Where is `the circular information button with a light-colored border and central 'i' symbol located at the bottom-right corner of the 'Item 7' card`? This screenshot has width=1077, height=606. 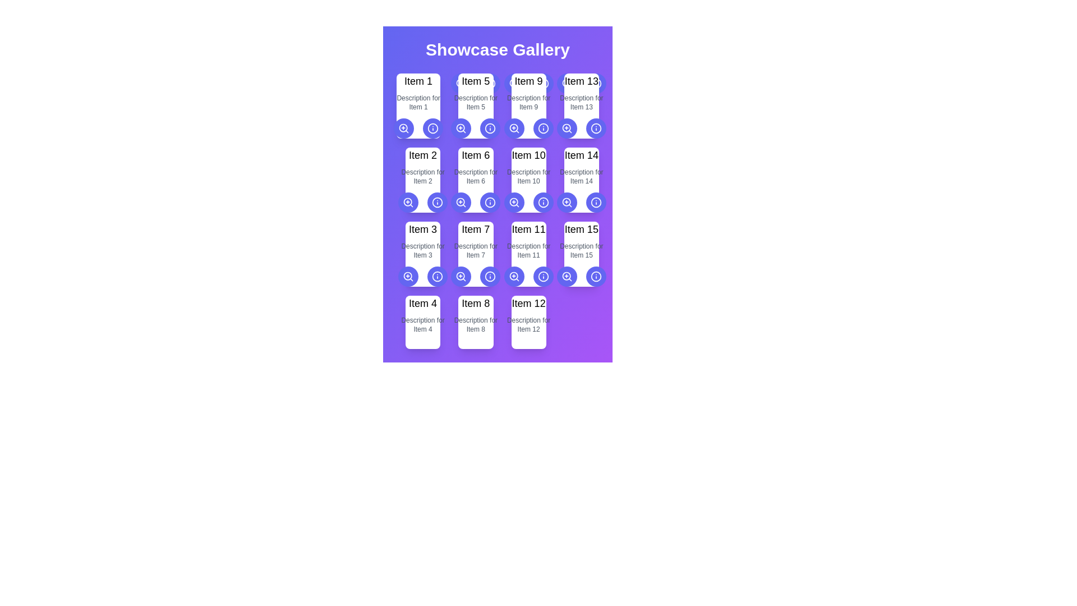 the circular information button with a light-colored border and central 'i' symbol located at the bottom-right corner of the 'Item 7' card is located at coordinates (437, 277).